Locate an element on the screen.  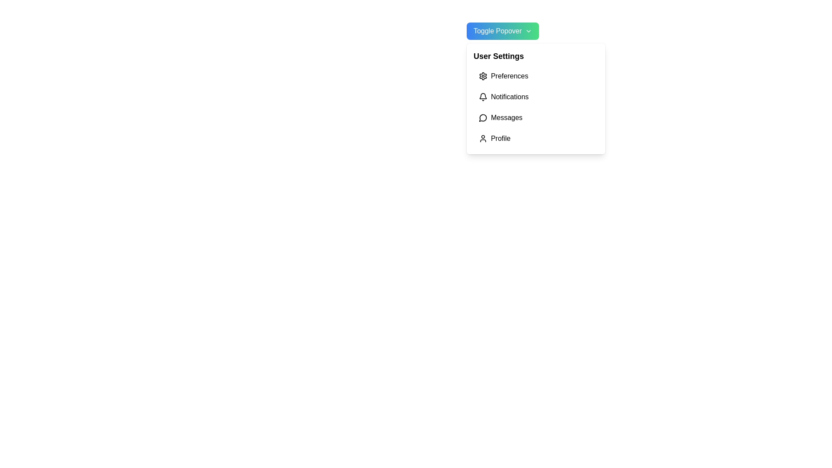
the 'Notifications' text link in the User Settings dropdown menu is located at coordinates (510, 97).